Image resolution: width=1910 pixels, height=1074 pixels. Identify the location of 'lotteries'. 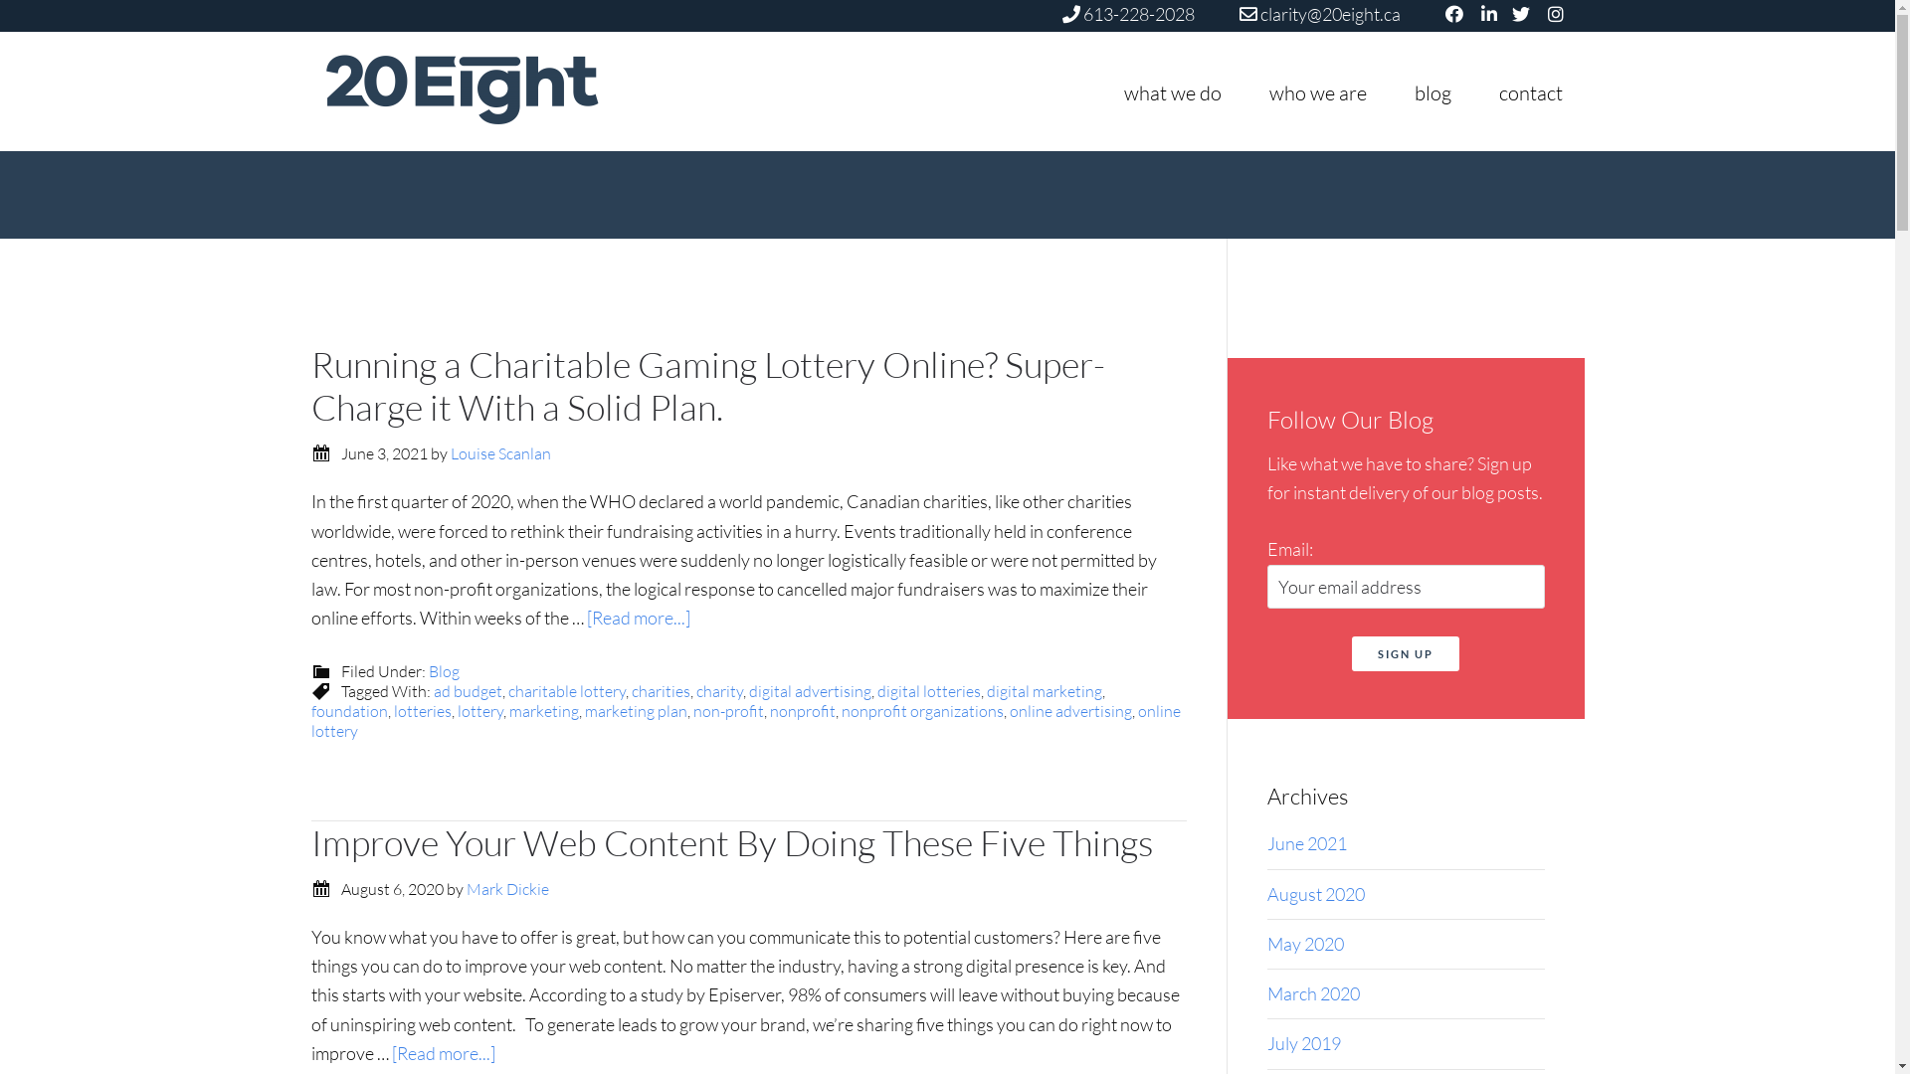
(422, 709).